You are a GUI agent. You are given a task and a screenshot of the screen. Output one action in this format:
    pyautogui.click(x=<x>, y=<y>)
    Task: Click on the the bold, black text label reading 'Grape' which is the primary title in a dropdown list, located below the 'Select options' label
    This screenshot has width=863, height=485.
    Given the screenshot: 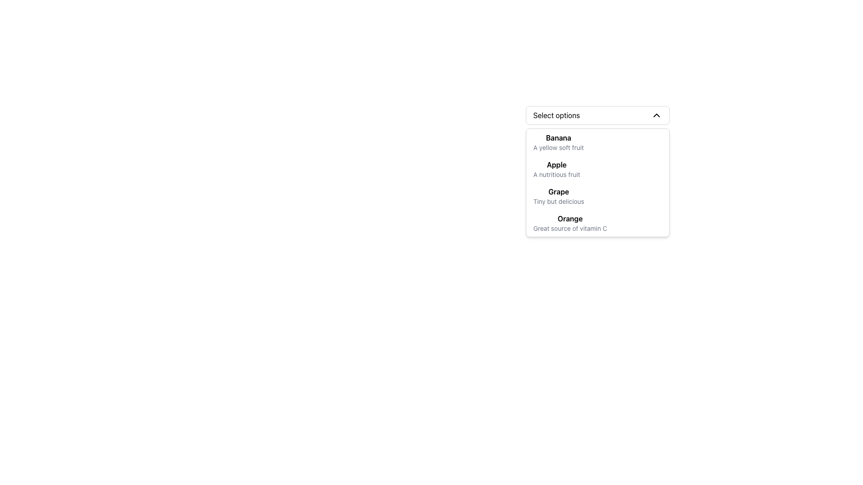 What is the action you would take?
    pyautogui.click(x=558, y=191)
    